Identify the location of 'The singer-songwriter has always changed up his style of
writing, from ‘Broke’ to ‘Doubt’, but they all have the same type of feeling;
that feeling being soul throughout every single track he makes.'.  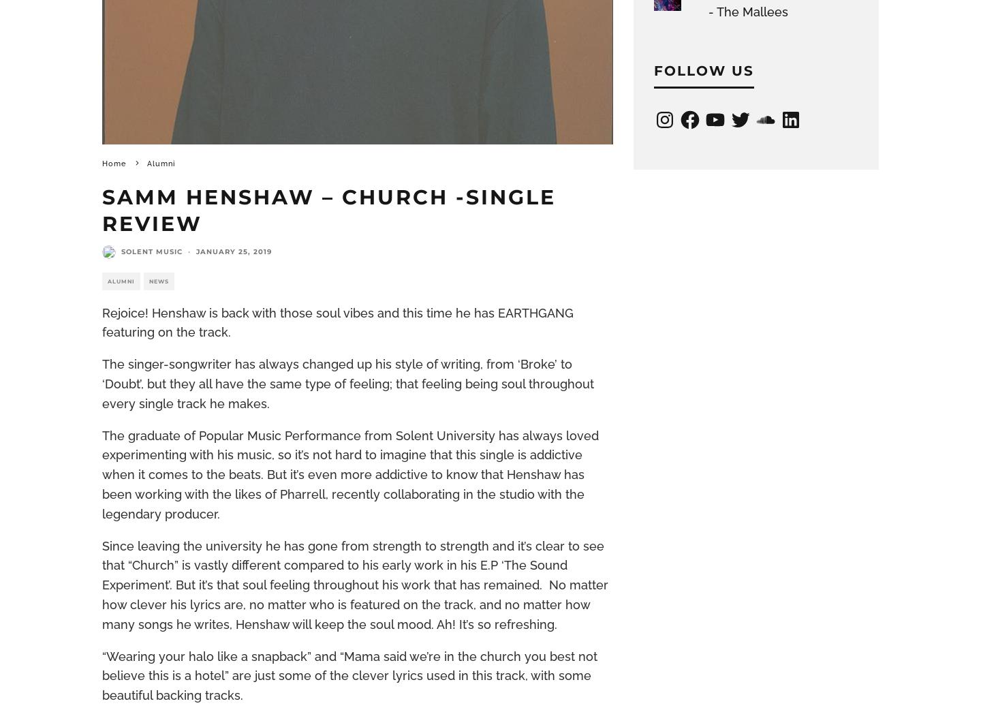
(347, 382).